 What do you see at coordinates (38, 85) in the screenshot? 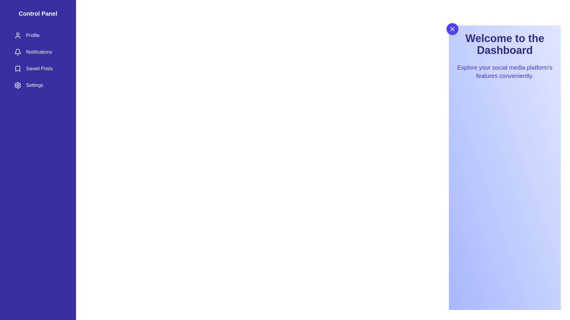
I see `the side drawer item Settings to observe visual feedback` at bounding box center [38, 85].